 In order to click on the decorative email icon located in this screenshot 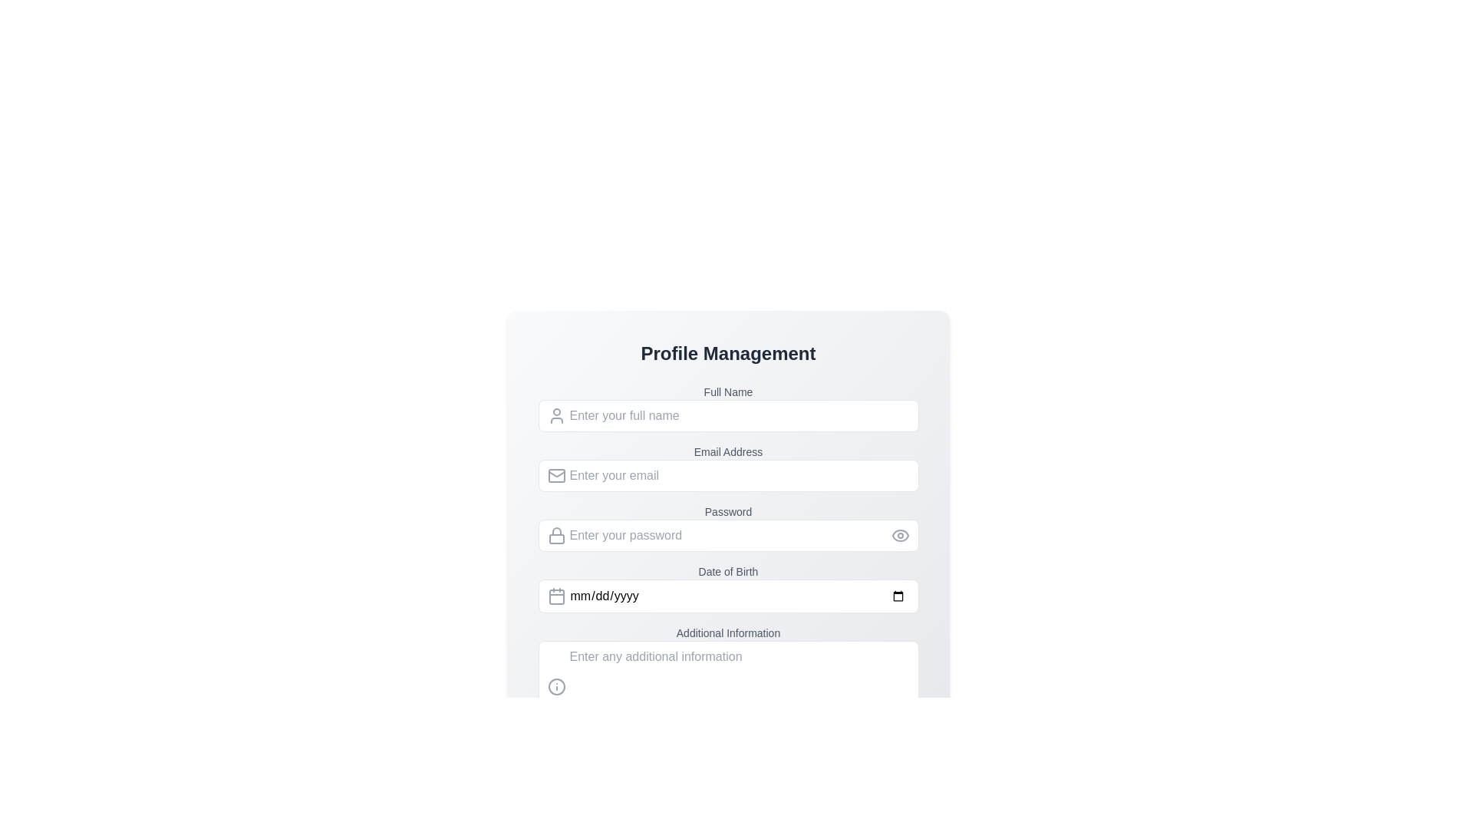, I will do `click(555, 475)`.